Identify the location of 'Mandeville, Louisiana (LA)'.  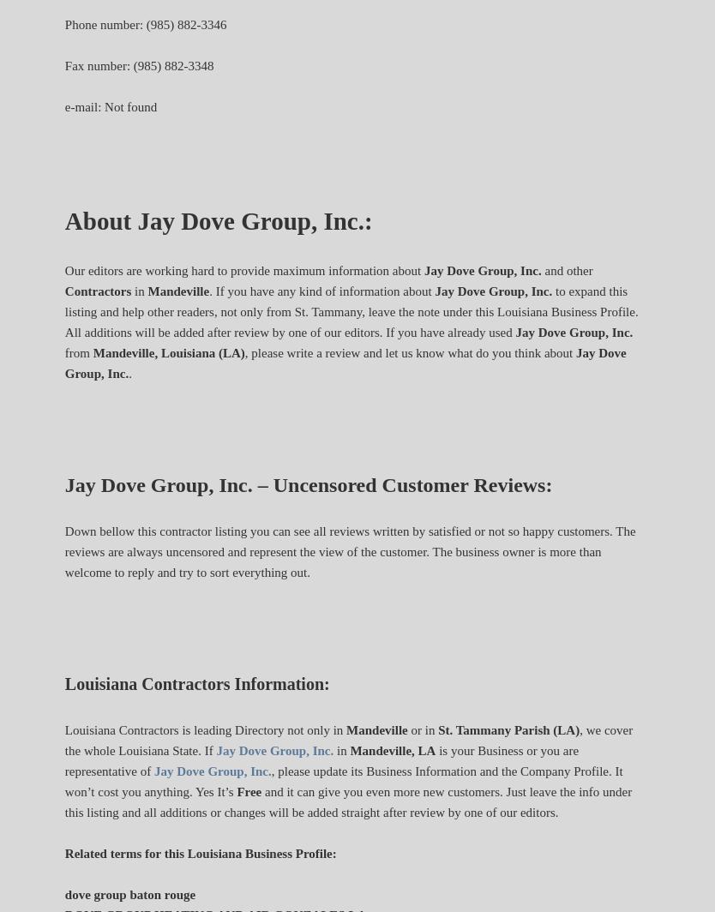
(168, 352).